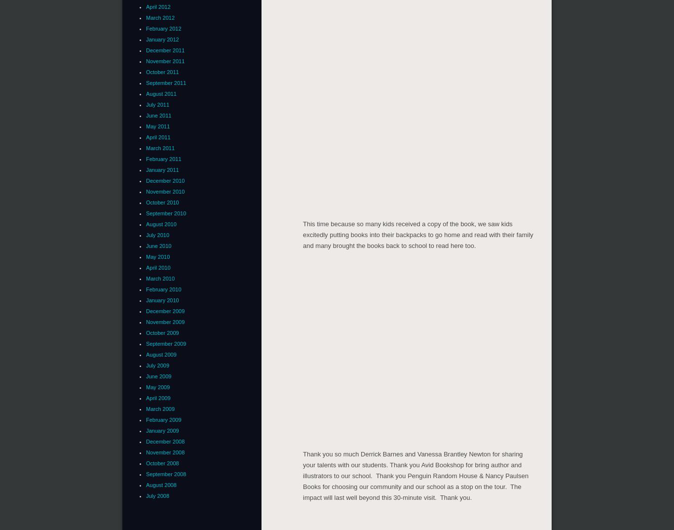 The height and width of the screenshot is (530, 674). Describe the element at coordinates (165, 60) in the screenshot. I see `'November 2011'` at that location.